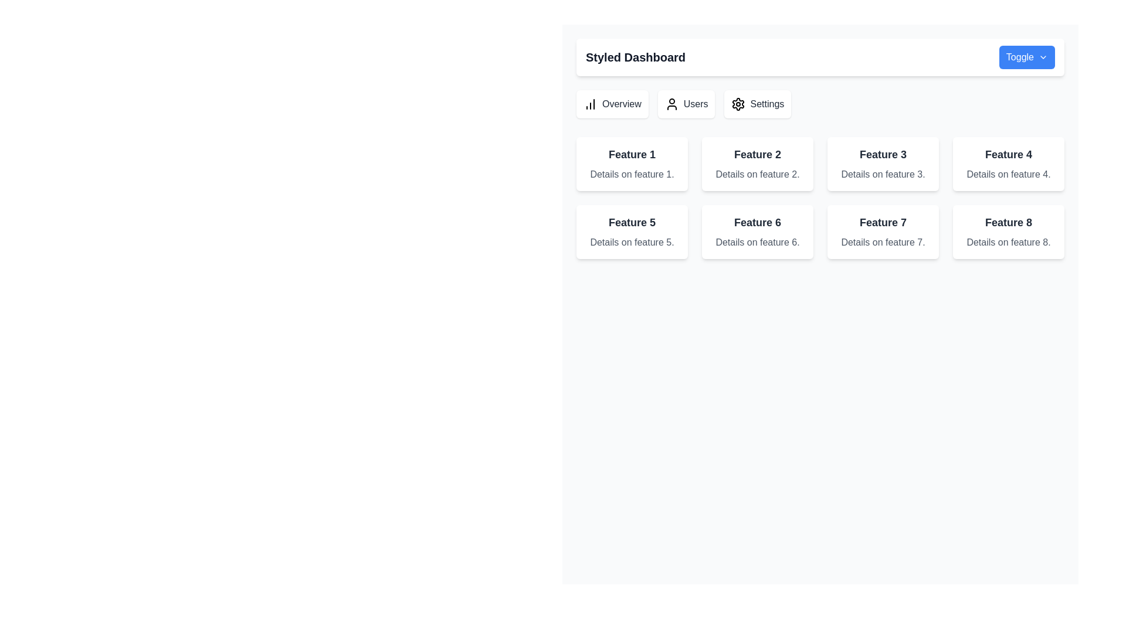  I want to click on the Text label that serves as an information label in the top bar of the interface, positioned between the user icon and the 'Settings' label, so click(696, 103).